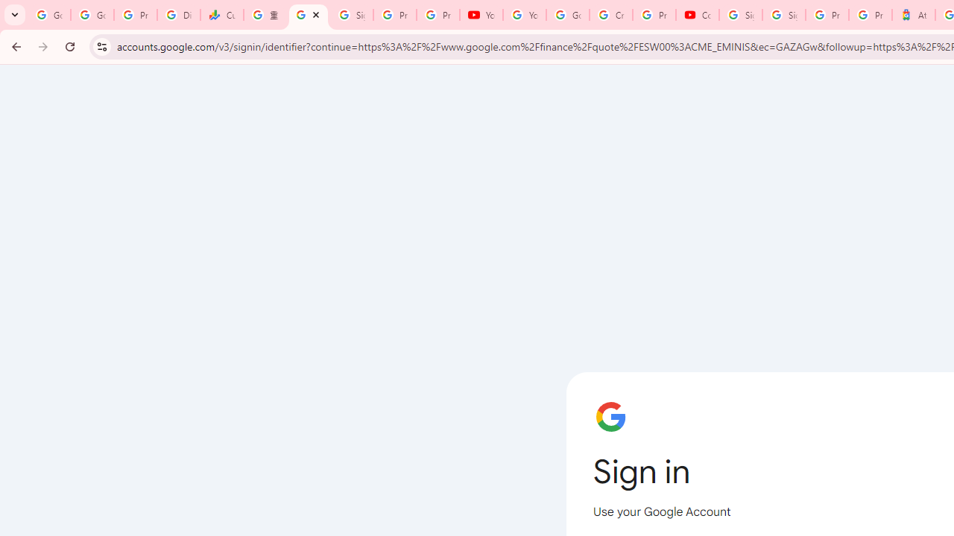 This screenshot has height=536, width=954. What do you see at coordinates (610, 15) in the screenshot?
I see `'Create your Google Account'` at bounding box center [610, 15].